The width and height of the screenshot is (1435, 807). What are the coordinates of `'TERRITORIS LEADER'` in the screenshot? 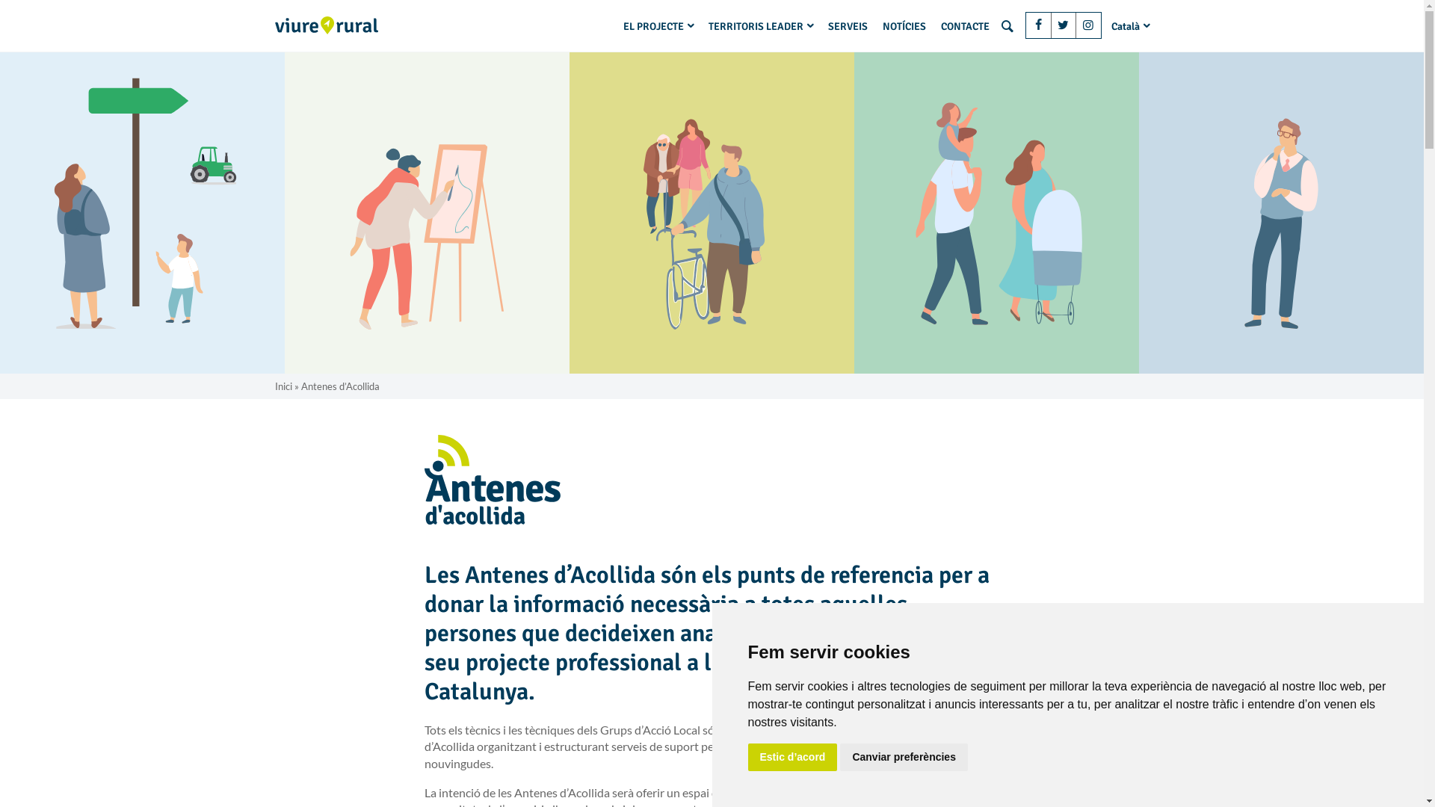 It's located at (760, 25).